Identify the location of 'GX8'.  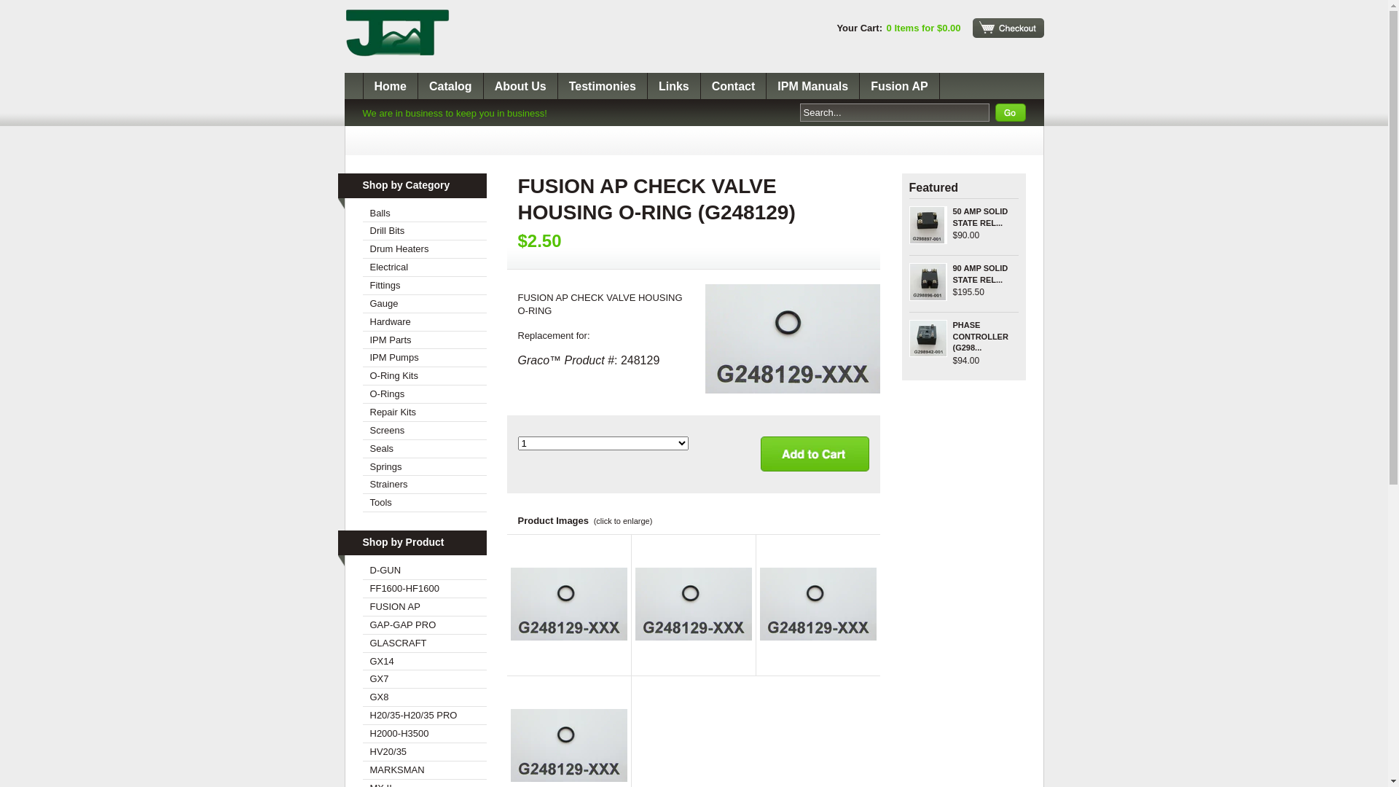
(423, 697).